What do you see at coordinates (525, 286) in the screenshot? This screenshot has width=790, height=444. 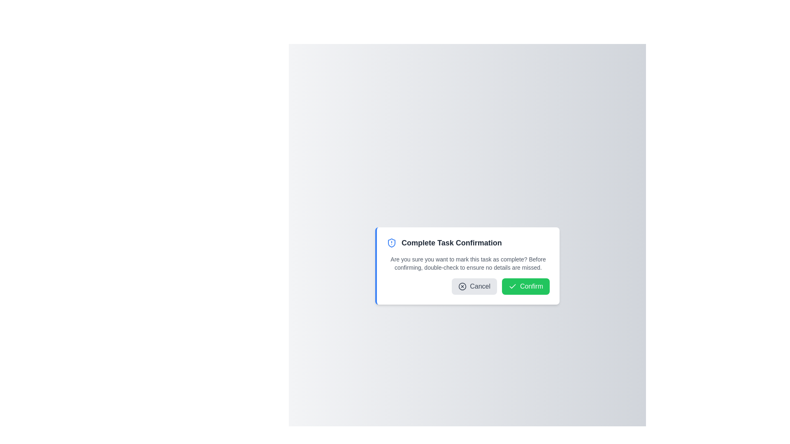 I see `the 'Confirm' button with a green background and white text, located at the bottom-right section of the modal dialog` at bounding box center [525, 286].